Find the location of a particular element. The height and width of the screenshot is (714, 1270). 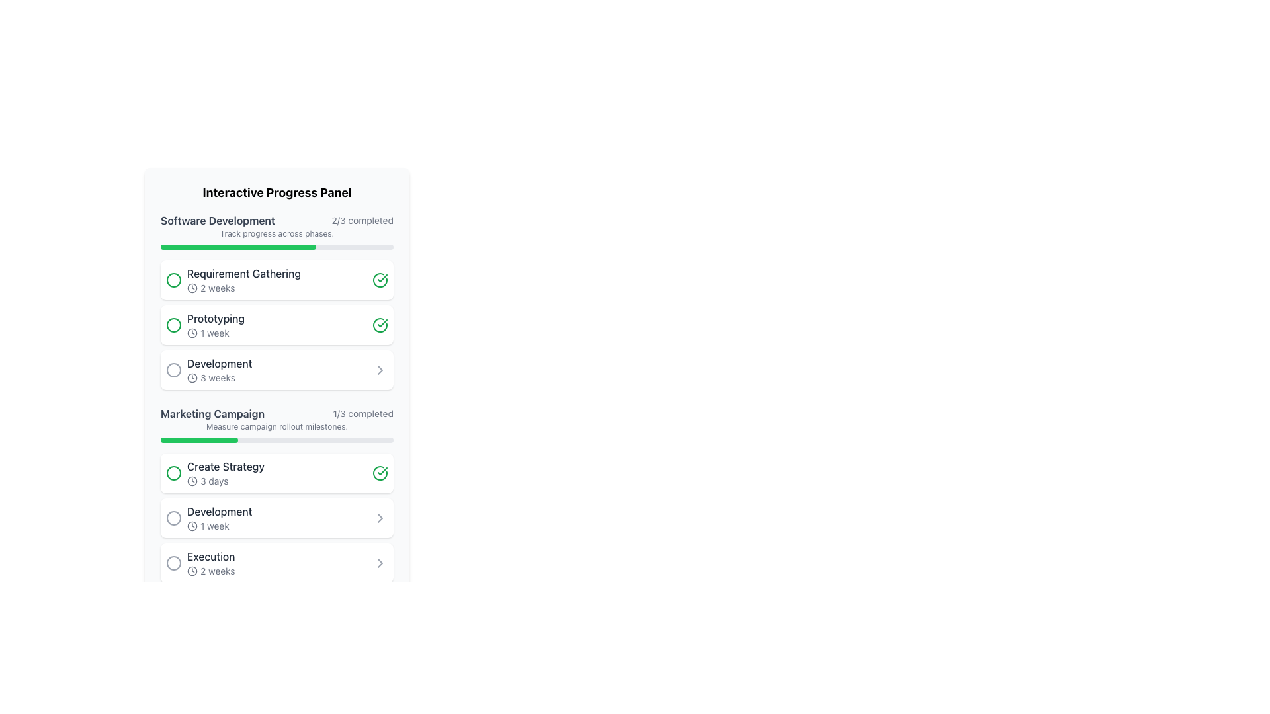

the first Card-like Component representing 'Create Strategy' in the 'Marketing Campaign' section is located at coordinates (276, 473).